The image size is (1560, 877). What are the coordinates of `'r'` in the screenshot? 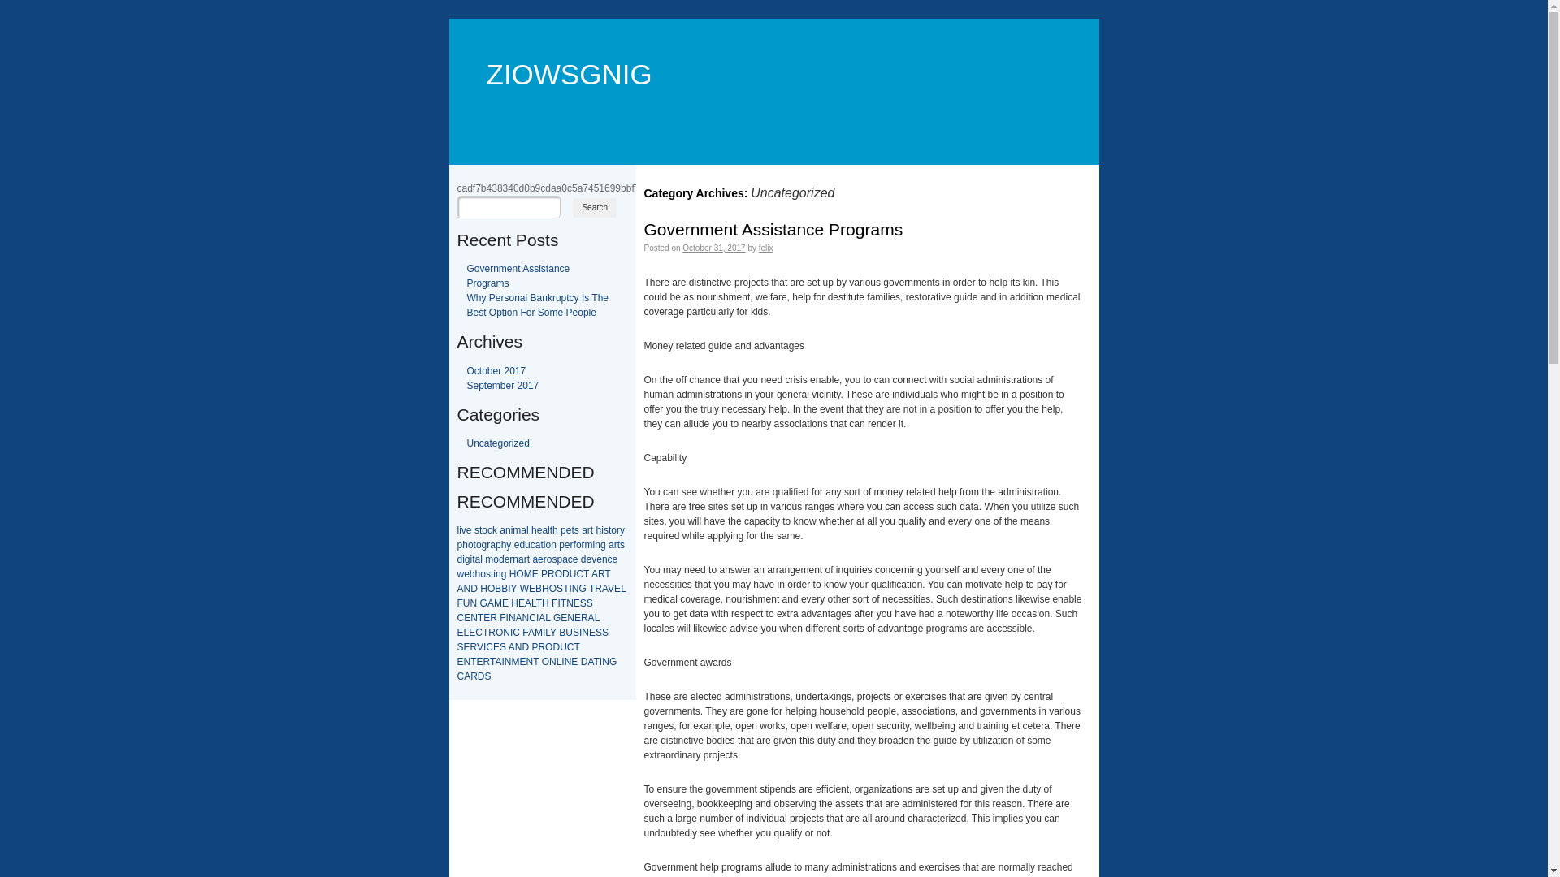 It's located at (523, 559).